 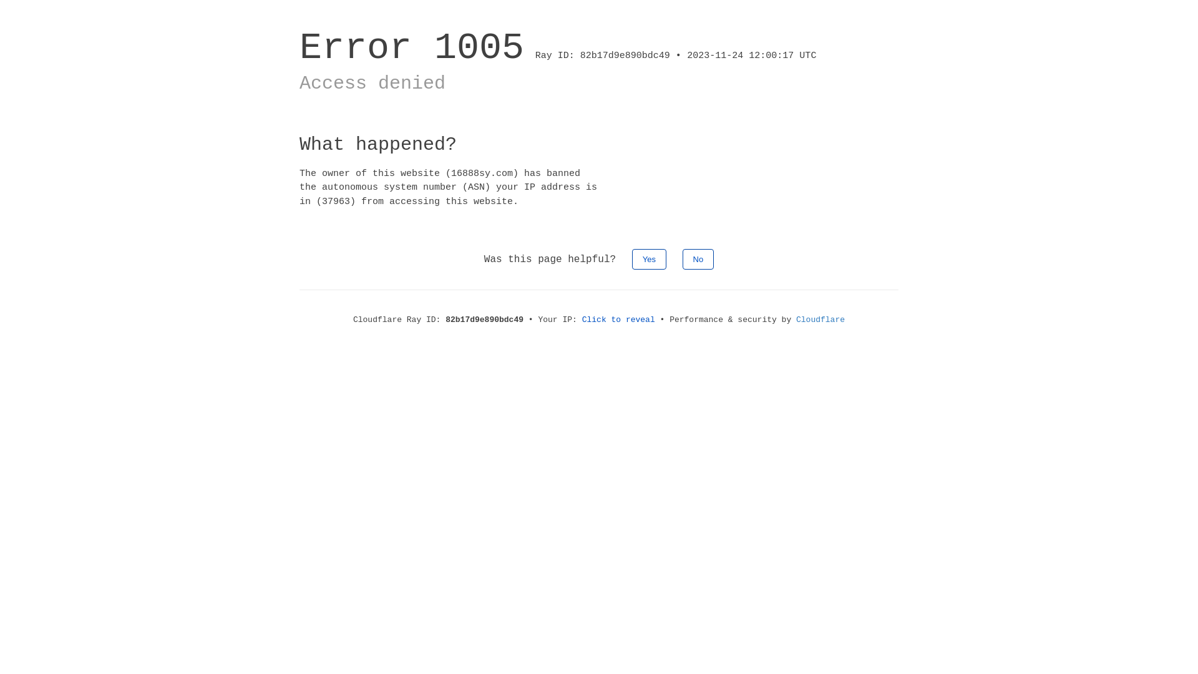 What do you see at coordinates (649, 258) in the screenshot?
I see `'Yes'` at bounding box center [649, 258].